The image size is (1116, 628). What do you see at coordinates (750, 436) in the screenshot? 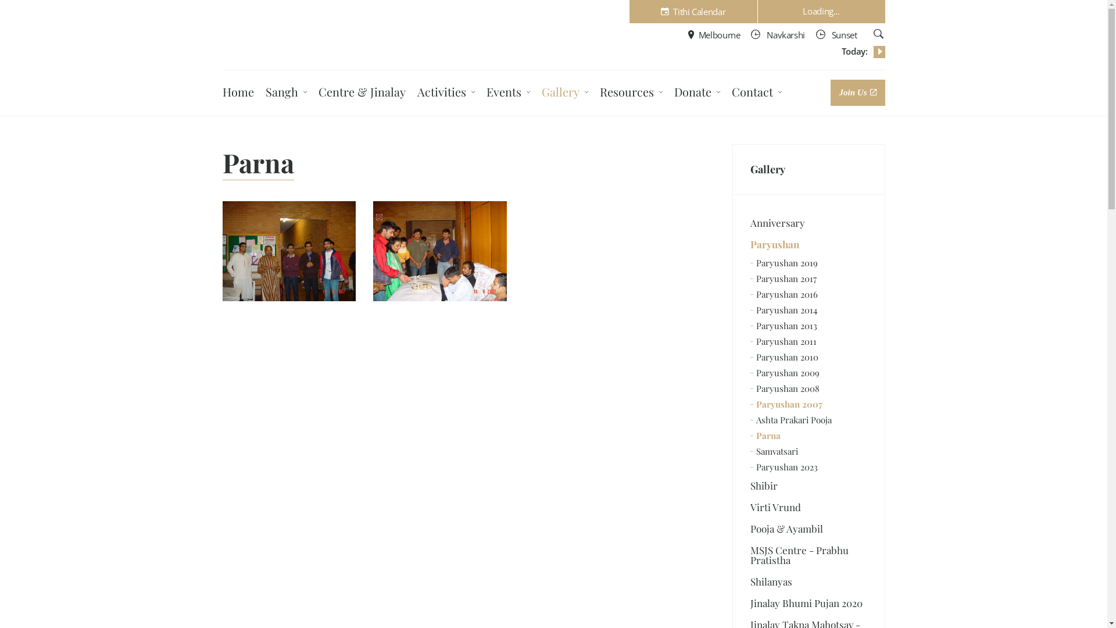
I see `'Parna'` at bounding box center [750, 436].